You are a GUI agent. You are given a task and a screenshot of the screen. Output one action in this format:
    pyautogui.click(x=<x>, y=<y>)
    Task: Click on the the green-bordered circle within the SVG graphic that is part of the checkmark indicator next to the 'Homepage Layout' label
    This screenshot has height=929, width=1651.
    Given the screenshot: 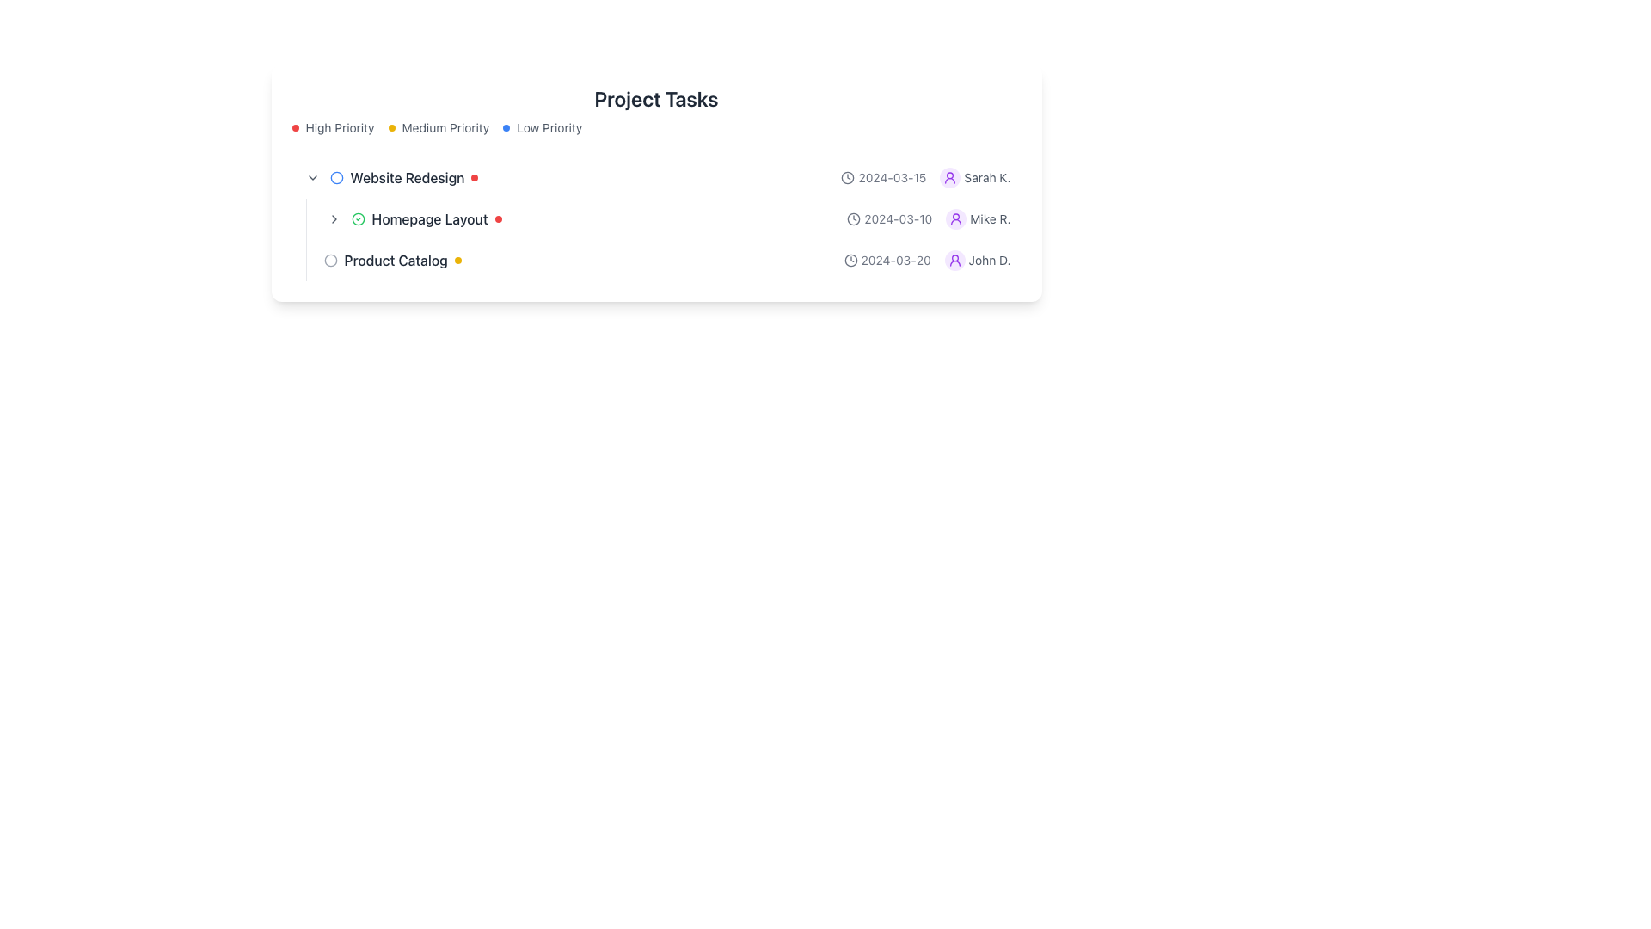 What is the action you would take?
    pyautogui.click(x=357, y=218)
    